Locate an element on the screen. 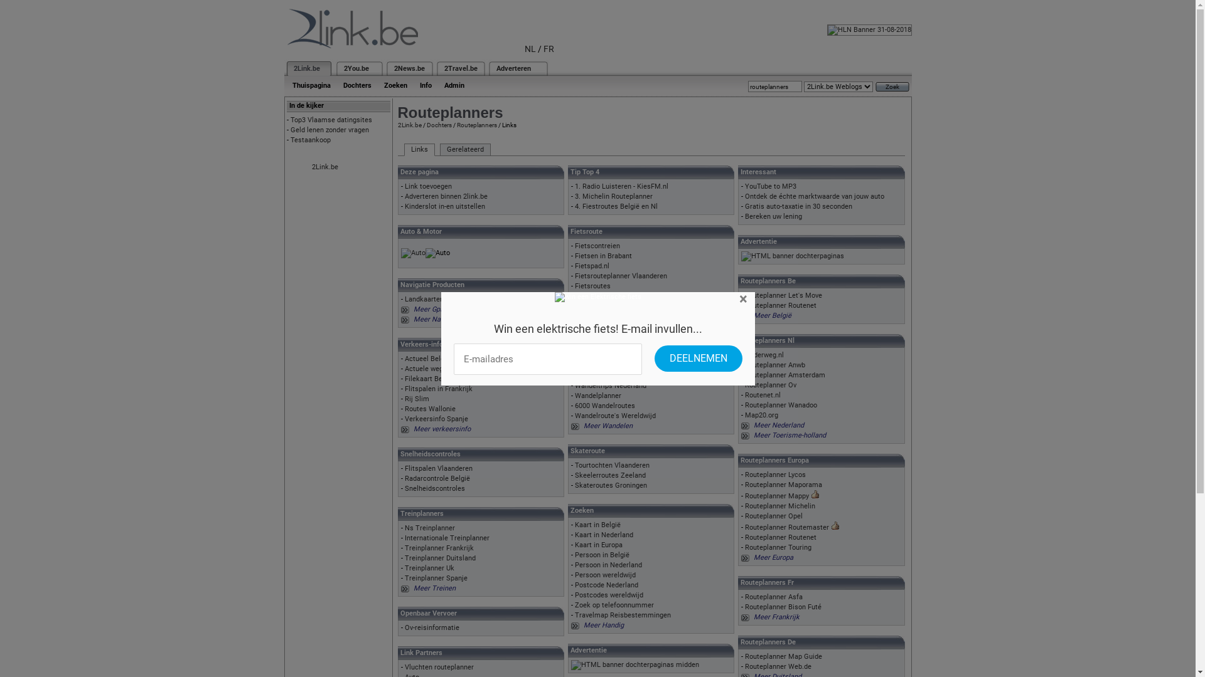  'Onderweg.nl' is located at coordinates (764, 355).